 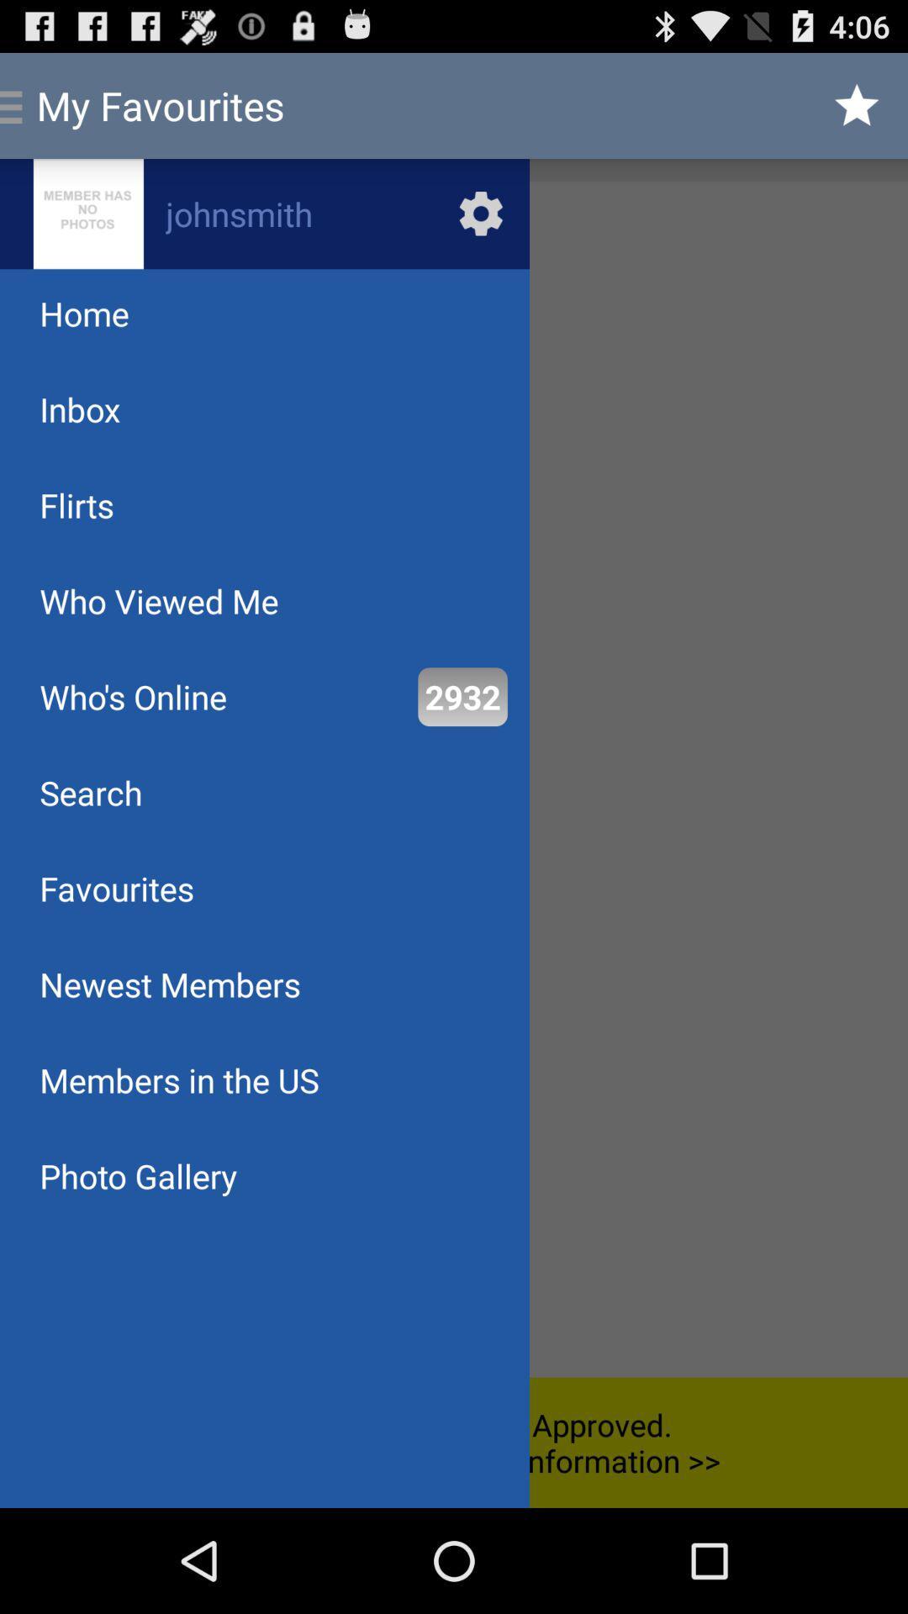 I want to click on the icon above photo gallery item, so click(x=179, y=1080).